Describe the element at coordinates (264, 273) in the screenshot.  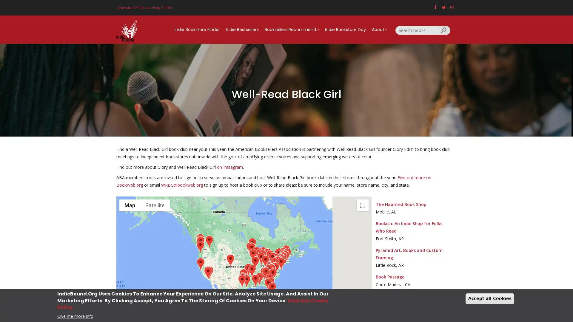
I see `The Book House (GA)` at that location.